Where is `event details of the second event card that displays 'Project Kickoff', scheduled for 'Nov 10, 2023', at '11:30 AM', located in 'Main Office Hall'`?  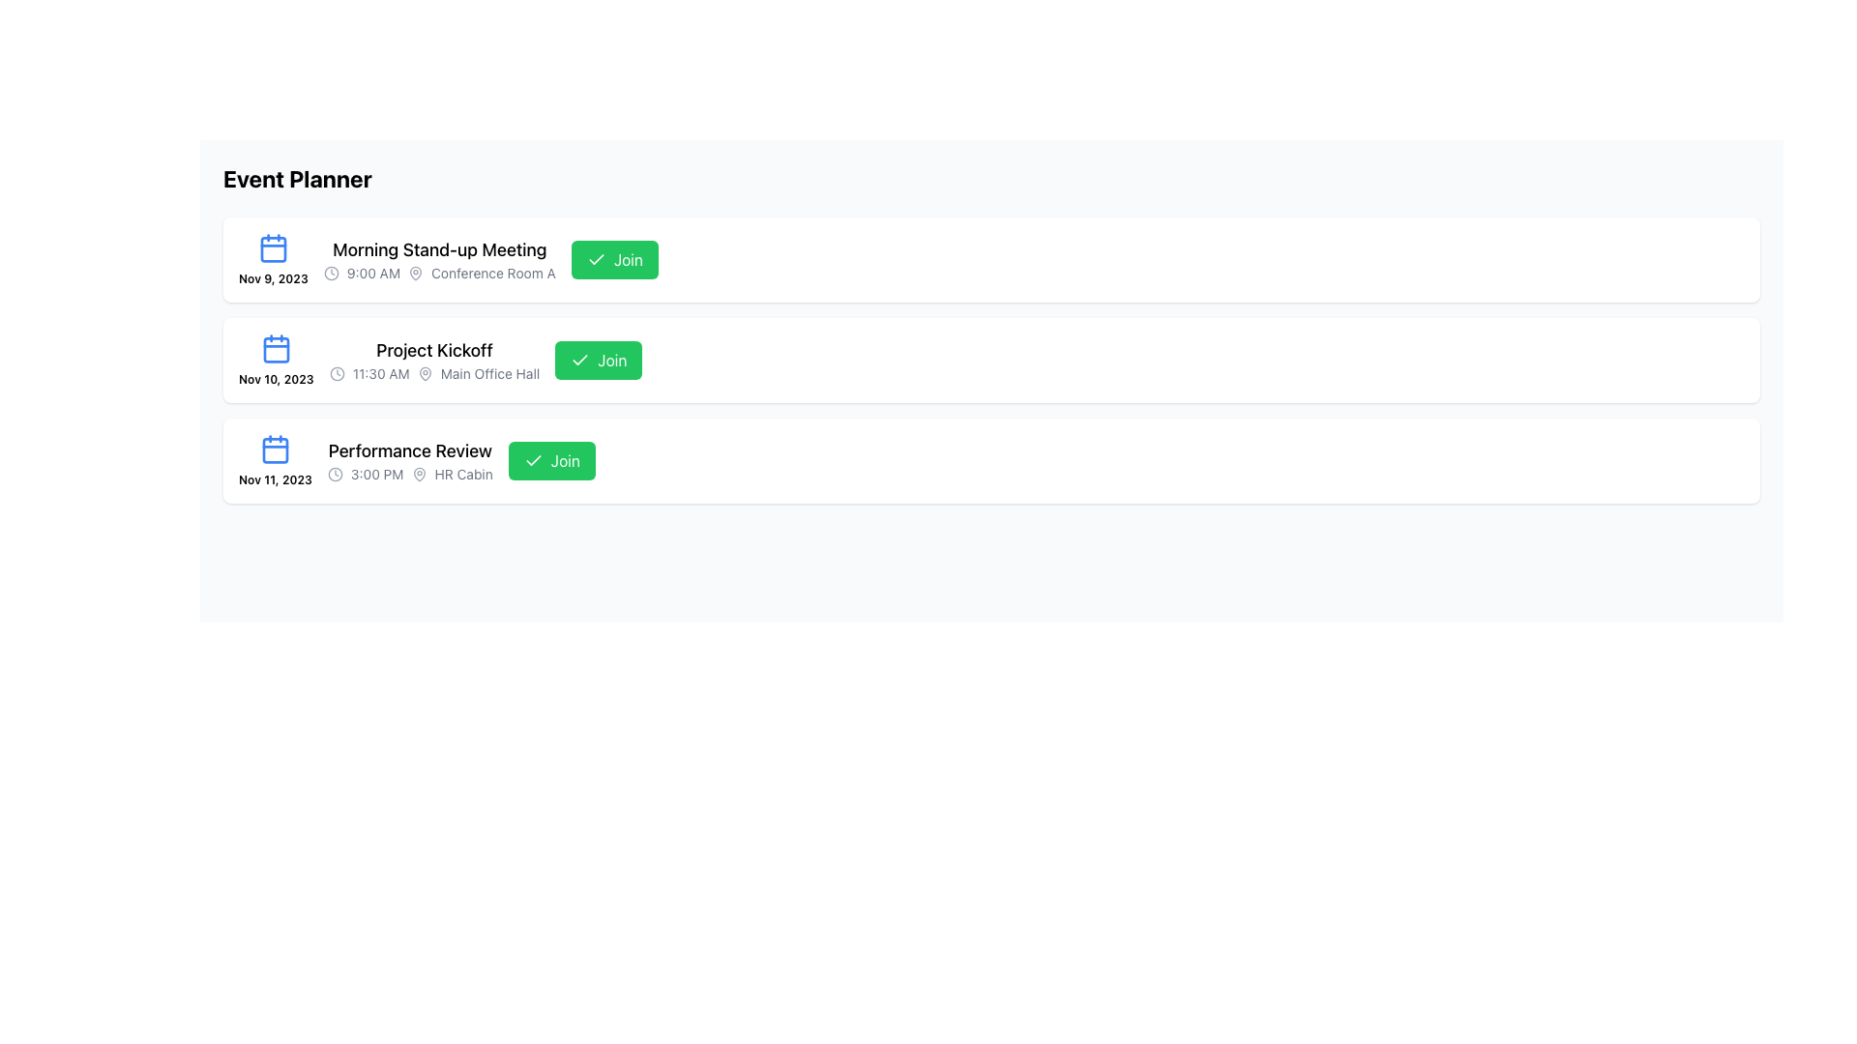 event details of the second event card that displays 'Project Kickoff', scheduled for 'Nov 10, 2023', at '11:30 AM', located in 'Main Office Hall' is located at coordinates (991, 361).